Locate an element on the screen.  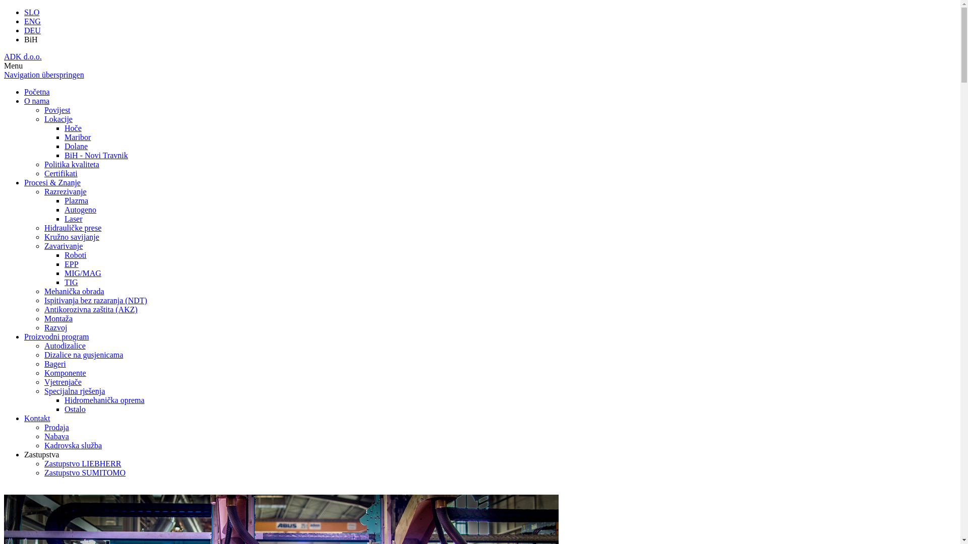
'Kontakt' is located at coordinates (37, 418).